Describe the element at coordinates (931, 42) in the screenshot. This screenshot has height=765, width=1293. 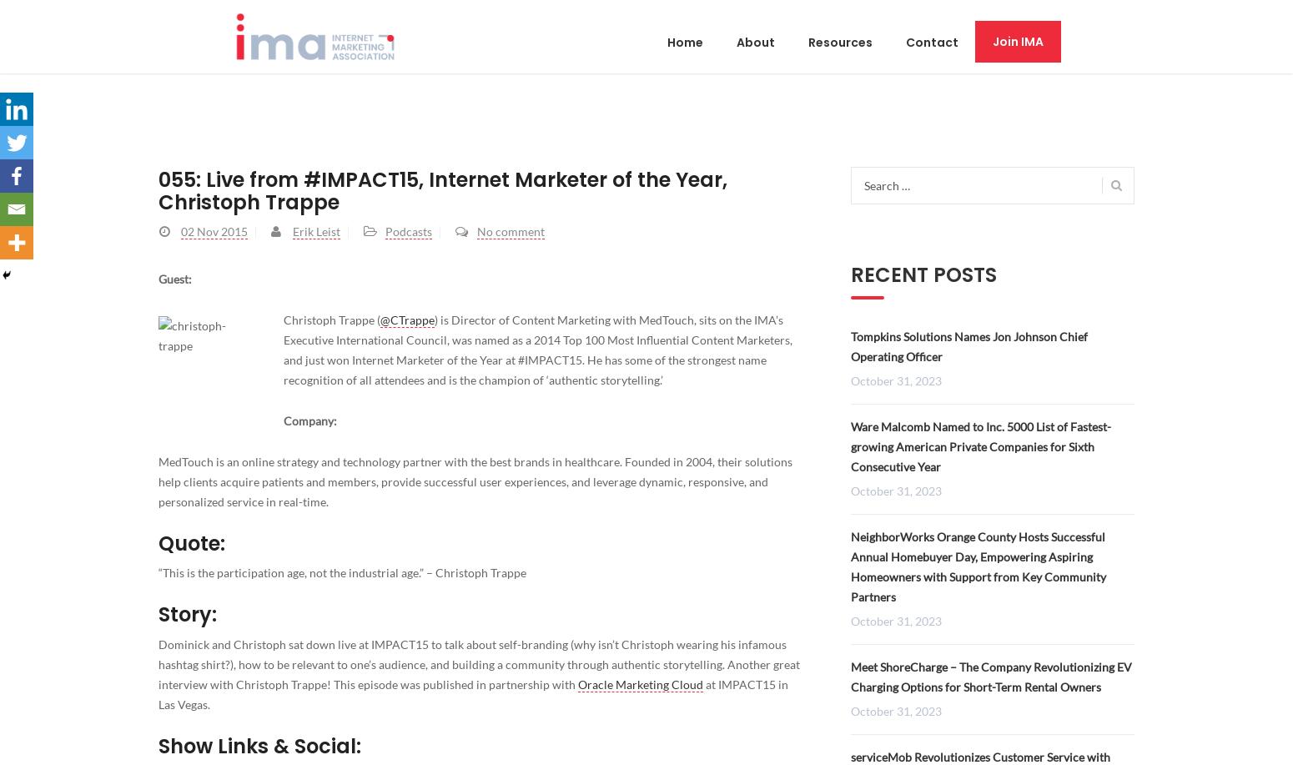
I see `'Contact'` at that location.